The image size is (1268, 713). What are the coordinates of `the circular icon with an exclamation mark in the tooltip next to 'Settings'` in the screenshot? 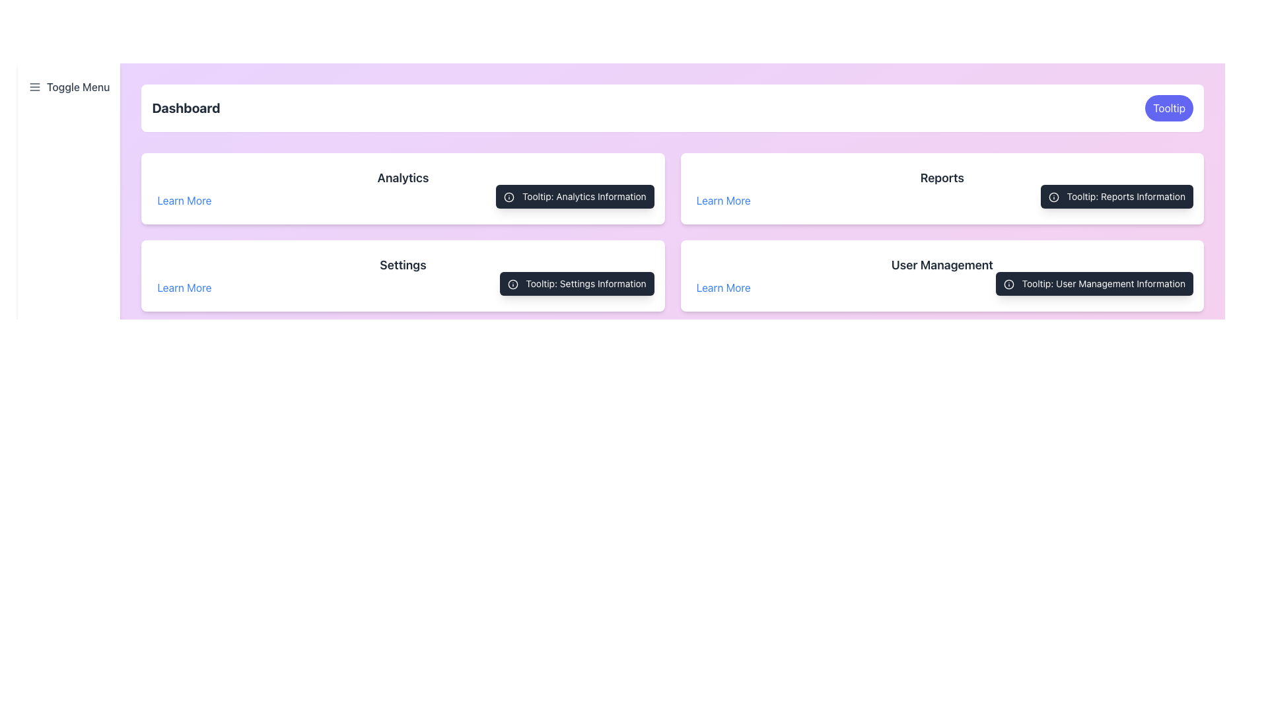 It's located at (512, 284).